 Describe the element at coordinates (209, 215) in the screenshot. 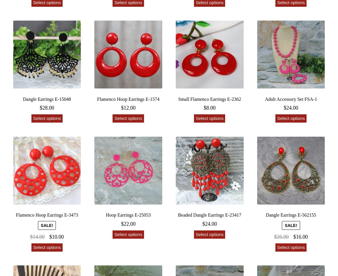

I see `'Beaded Dangle Earrings E-23417'` at that location.